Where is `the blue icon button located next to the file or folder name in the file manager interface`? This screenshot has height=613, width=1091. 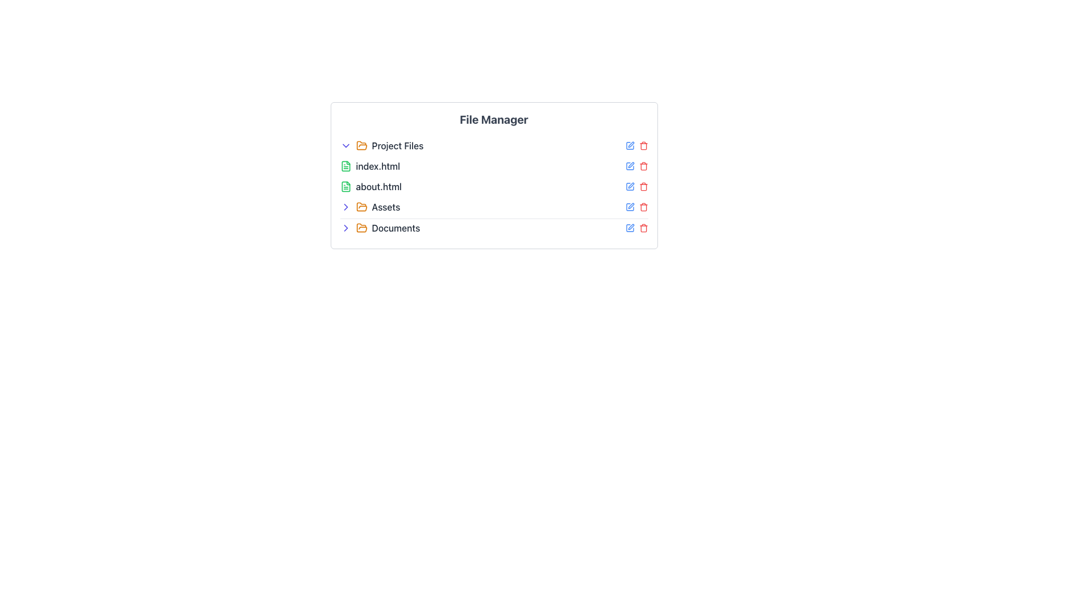
the blue icon button located next to the file or folder name in the file manager interface is located at coordinates (629, 228).